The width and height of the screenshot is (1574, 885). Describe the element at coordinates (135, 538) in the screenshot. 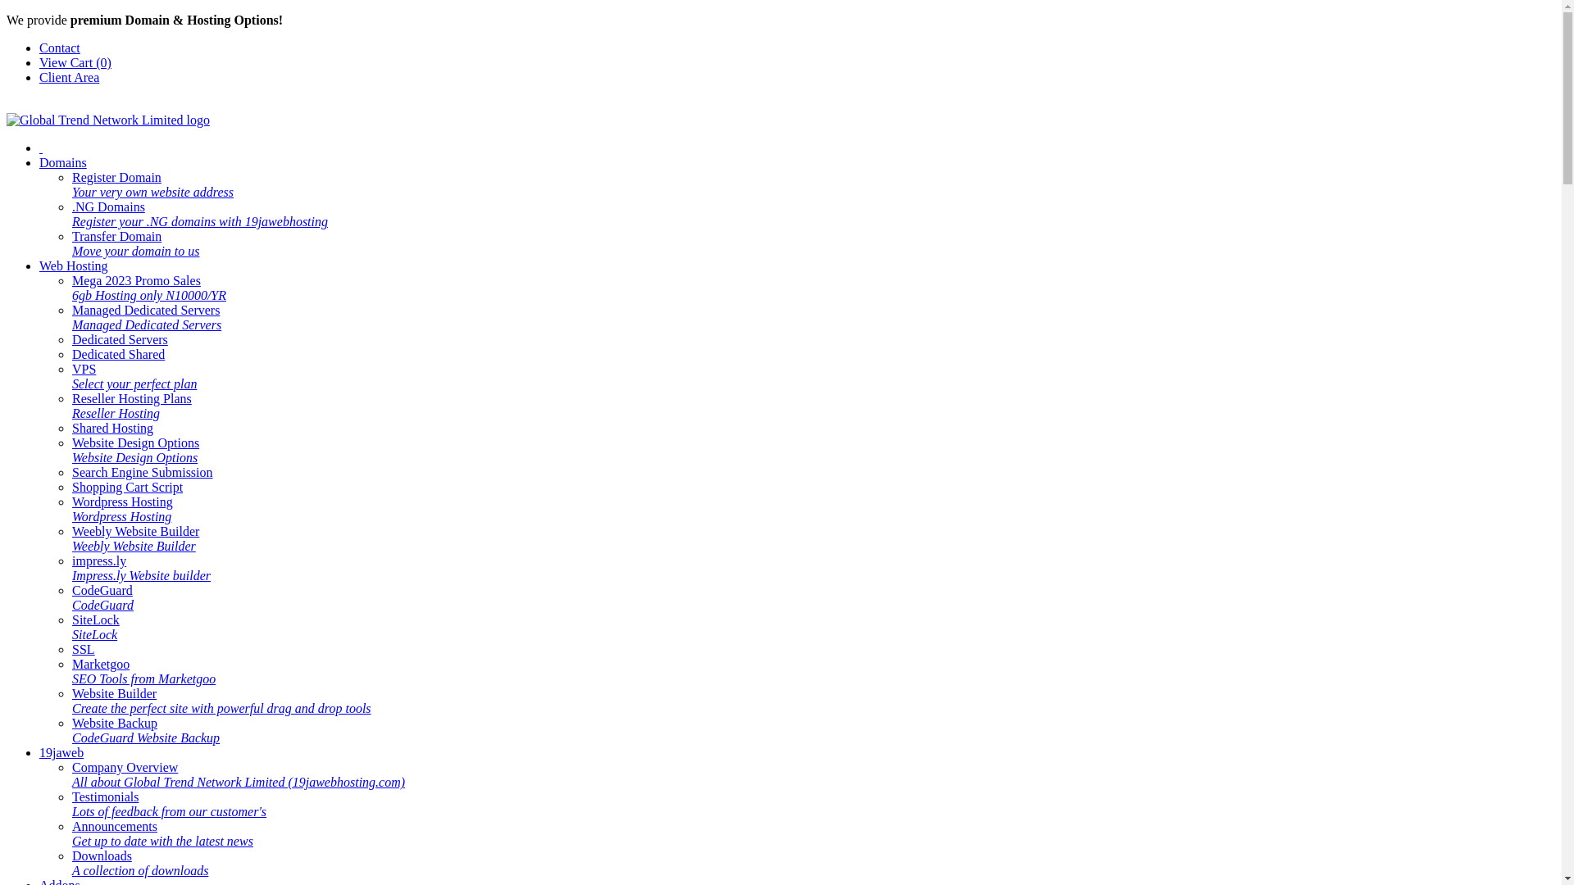

I see `'Weebly Website Builder` at that location.